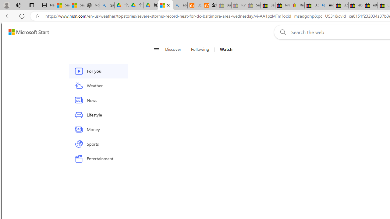  Describe the element at coordinates (253, 5) in the screenshot. I see `'Sell worldwide with eBay - Sleeping'` at that location.